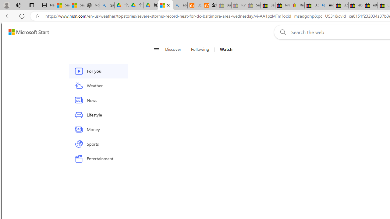  Describe the element at coordinates (253, 5) in the screenshot. I see `'Sell worldwide with eBay - Sleeping'` at that location.